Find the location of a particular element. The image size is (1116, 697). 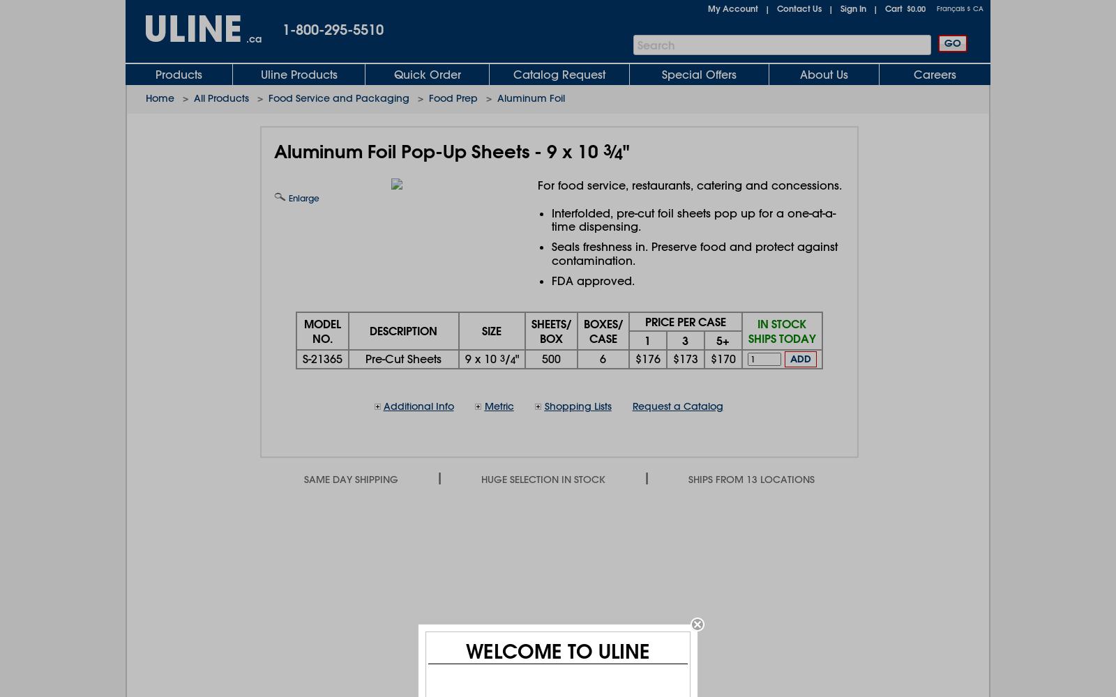

'Shopping Lists' is located at coordinates (576, 405).